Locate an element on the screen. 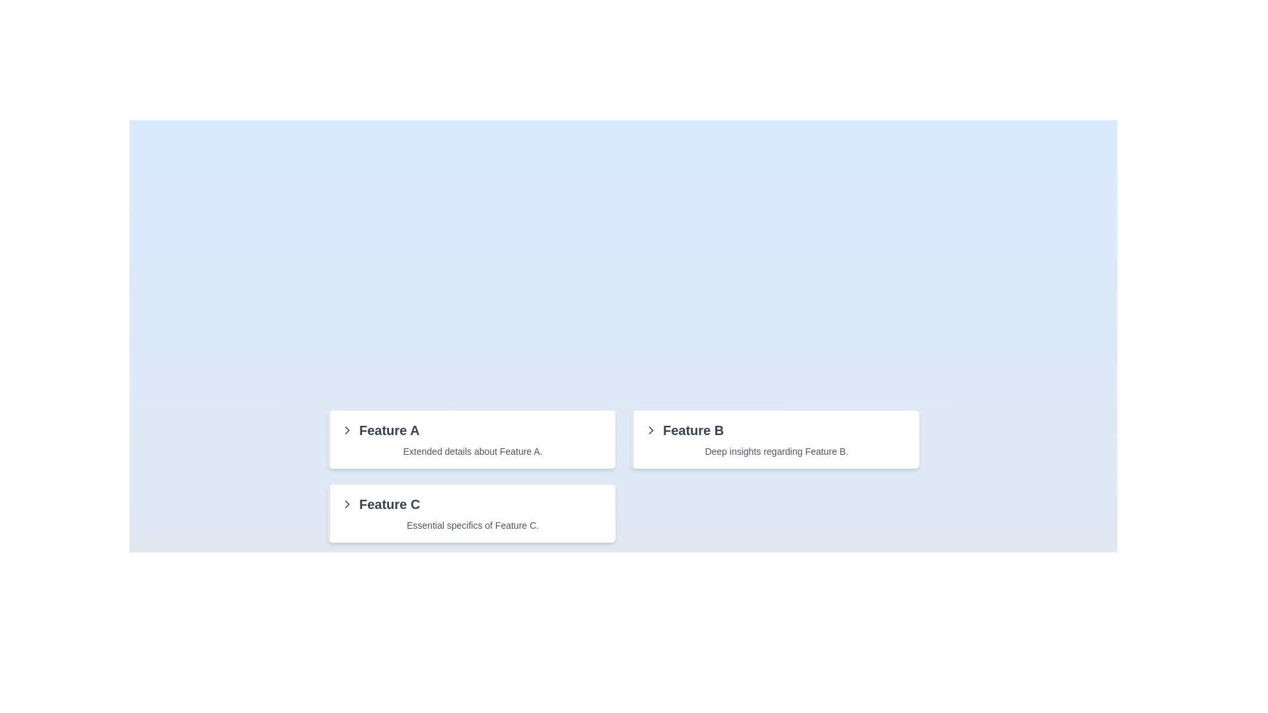 The image size is (1268, 713). the descriptive text displaying 'Extended details about Feature A.' which is located below the title 'Feature A' and is styled in a small, gray font is located at coordinates (472, 450).